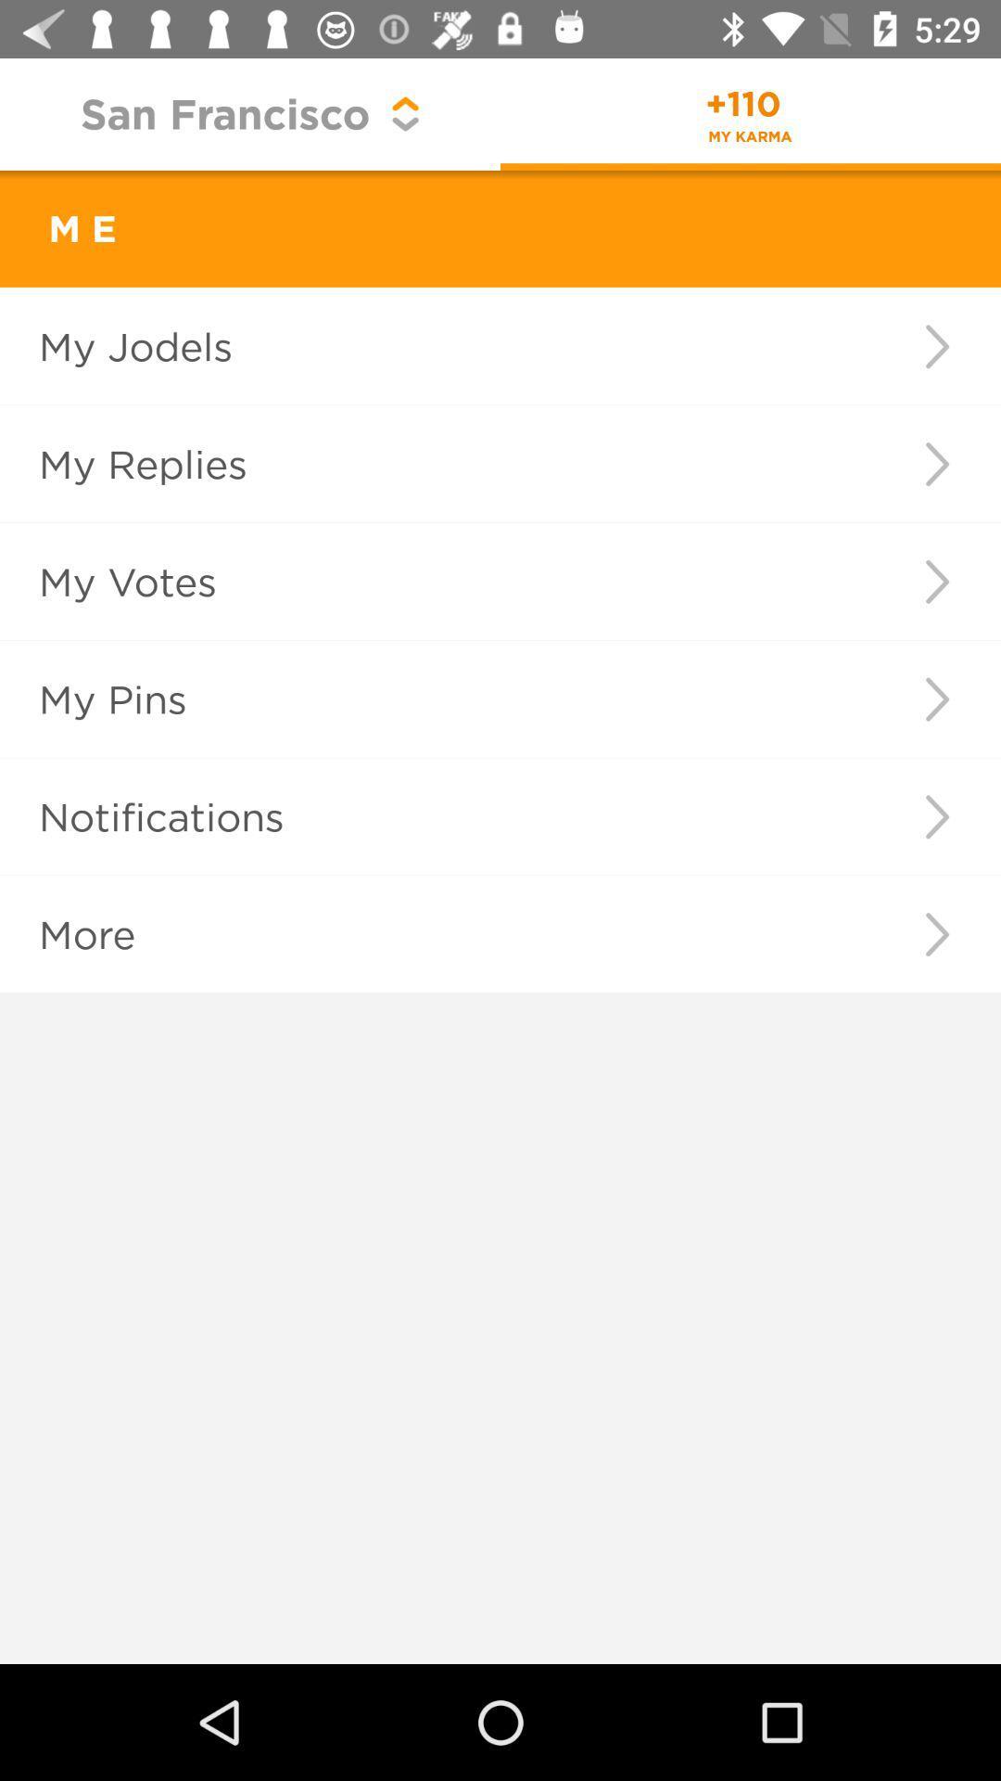  What do you see at coordinates (937, 816) in the screenshot?
I see `item to the right of the notifications icon` at bounding box center [937, 816].